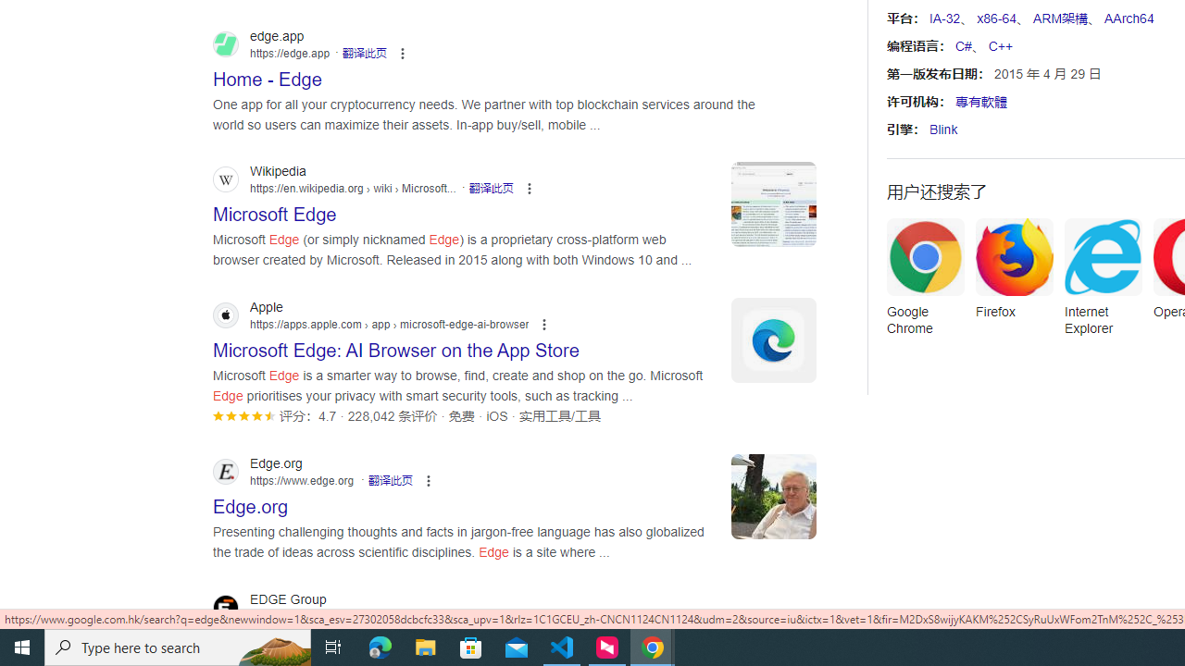  Describe the element at coordinates (944, 18) in the screenshot. I see `'IA-32'` at that location.